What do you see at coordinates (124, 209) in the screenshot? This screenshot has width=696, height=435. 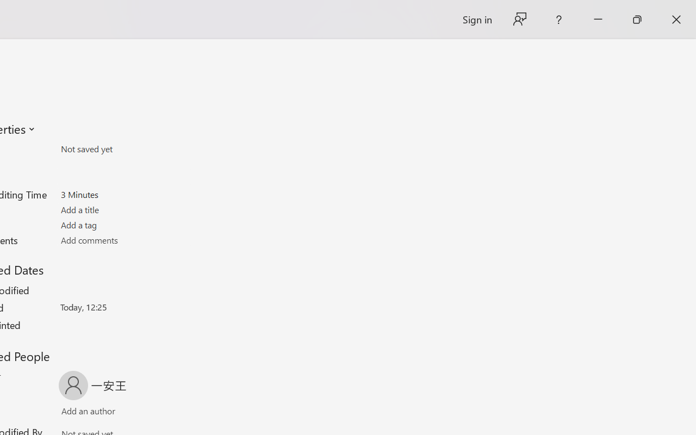 I see `'Title'` at bounding box center [124, 209].